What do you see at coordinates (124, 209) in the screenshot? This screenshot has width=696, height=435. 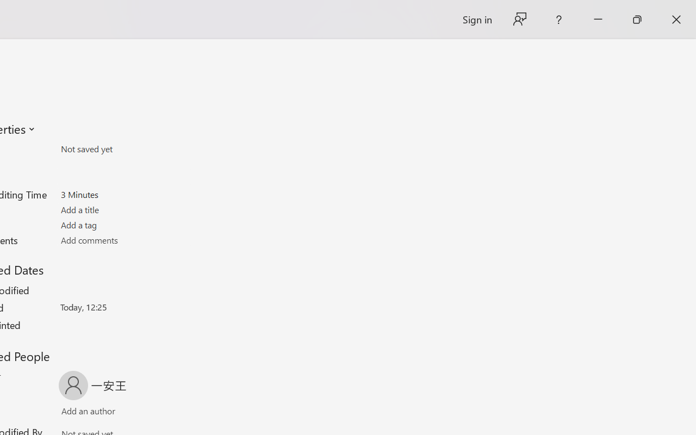 I see `'Title'` at bounding box center [124, 209].